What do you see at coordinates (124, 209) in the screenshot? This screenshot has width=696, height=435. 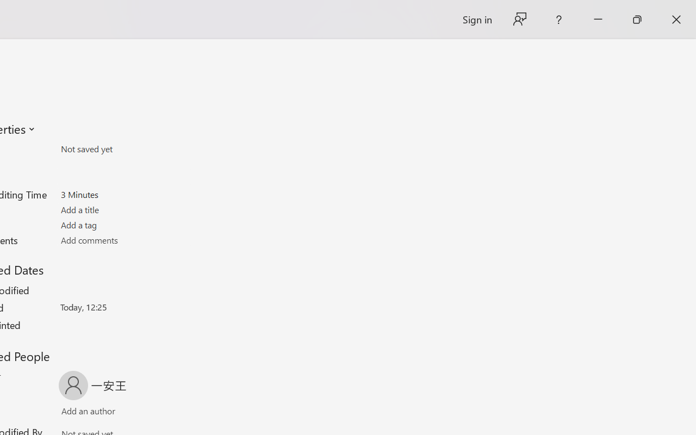 I see `'Title'` at bounding box center [124, 209].